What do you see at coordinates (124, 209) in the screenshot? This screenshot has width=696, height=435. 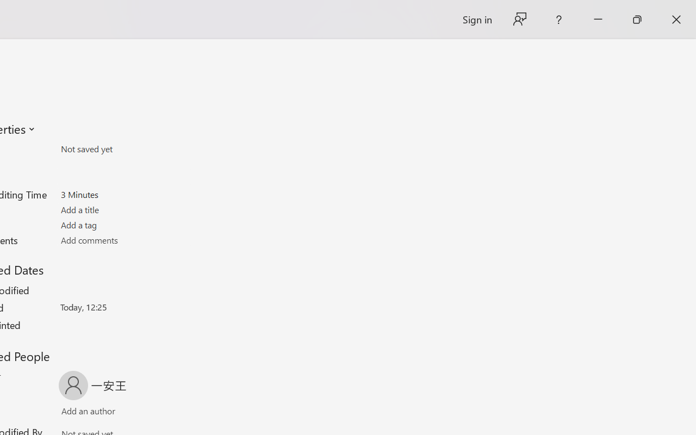 I see `'Title'` at bounding box center [124, 209].